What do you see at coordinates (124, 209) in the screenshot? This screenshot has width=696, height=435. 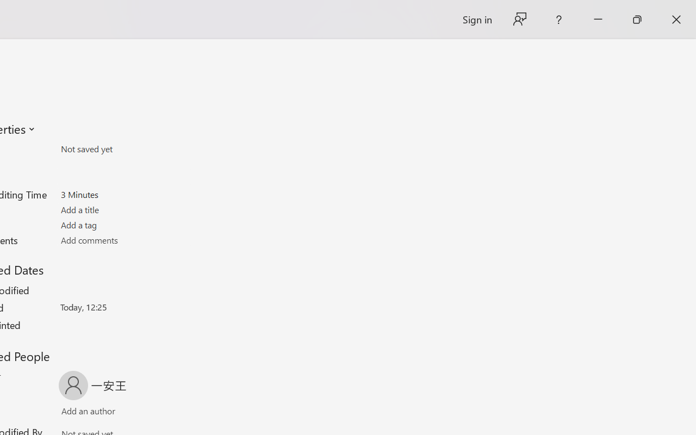 I see `'Title'` at bounding box center [124, 209].